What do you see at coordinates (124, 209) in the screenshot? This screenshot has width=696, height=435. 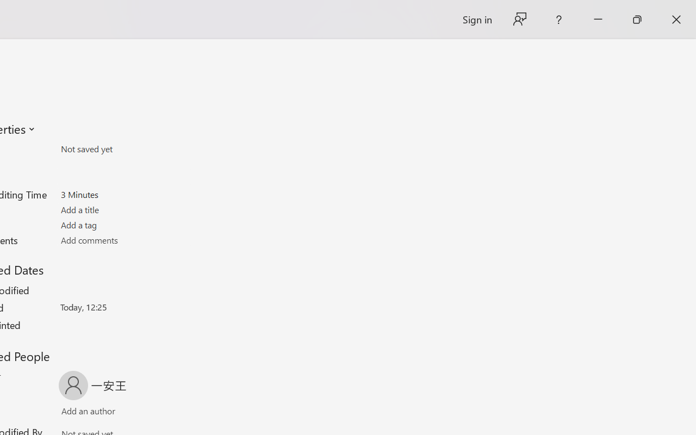 I see `'Title'` at bounding box center [124, 209].